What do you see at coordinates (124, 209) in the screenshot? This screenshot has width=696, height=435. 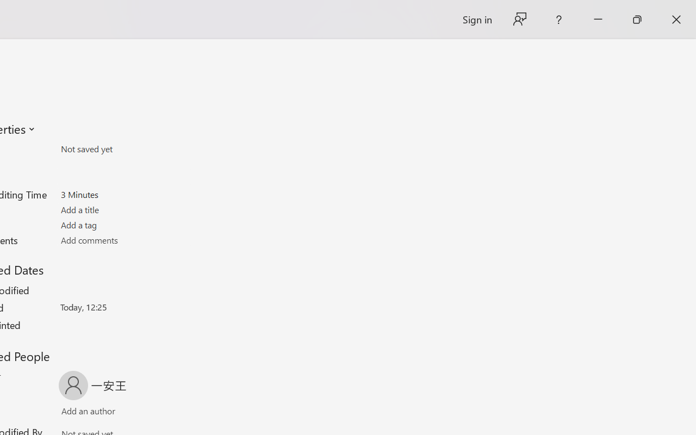 I see `'Title'` at bounding box center [124, 209].